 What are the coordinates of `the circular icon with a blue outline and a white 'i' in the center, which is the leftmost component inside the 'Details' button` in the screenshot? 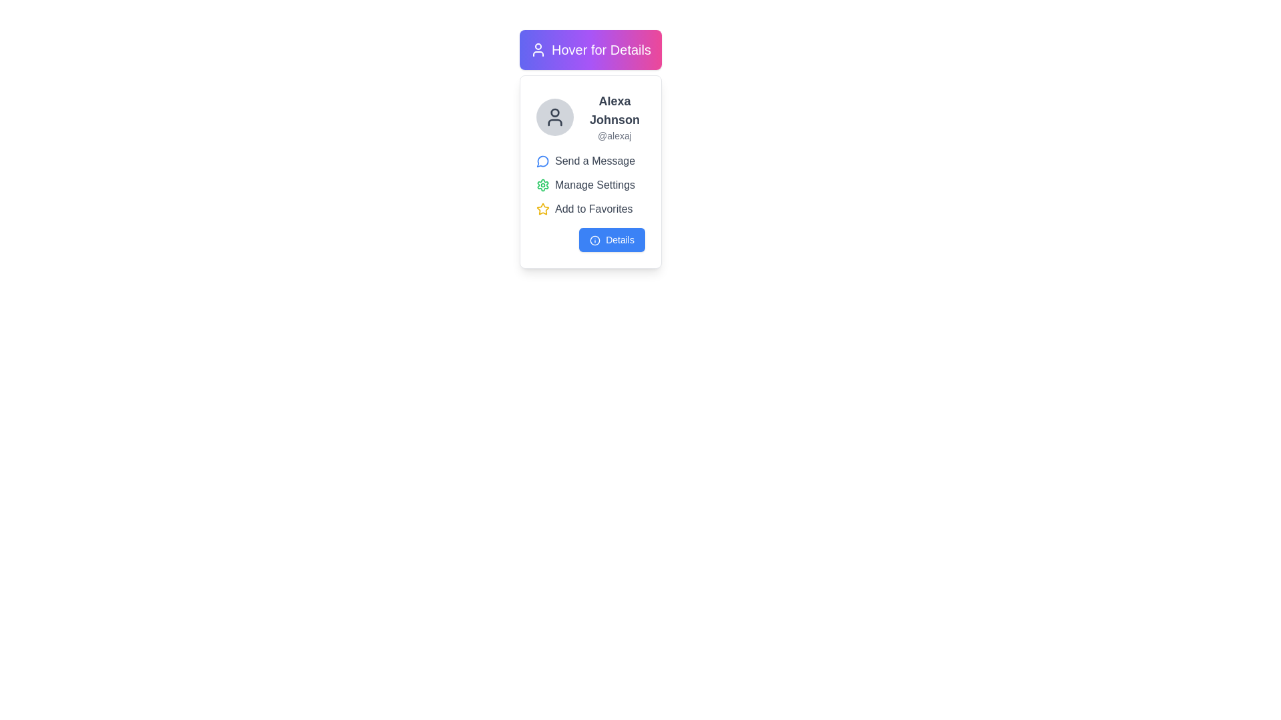 It's located at (594, 241).